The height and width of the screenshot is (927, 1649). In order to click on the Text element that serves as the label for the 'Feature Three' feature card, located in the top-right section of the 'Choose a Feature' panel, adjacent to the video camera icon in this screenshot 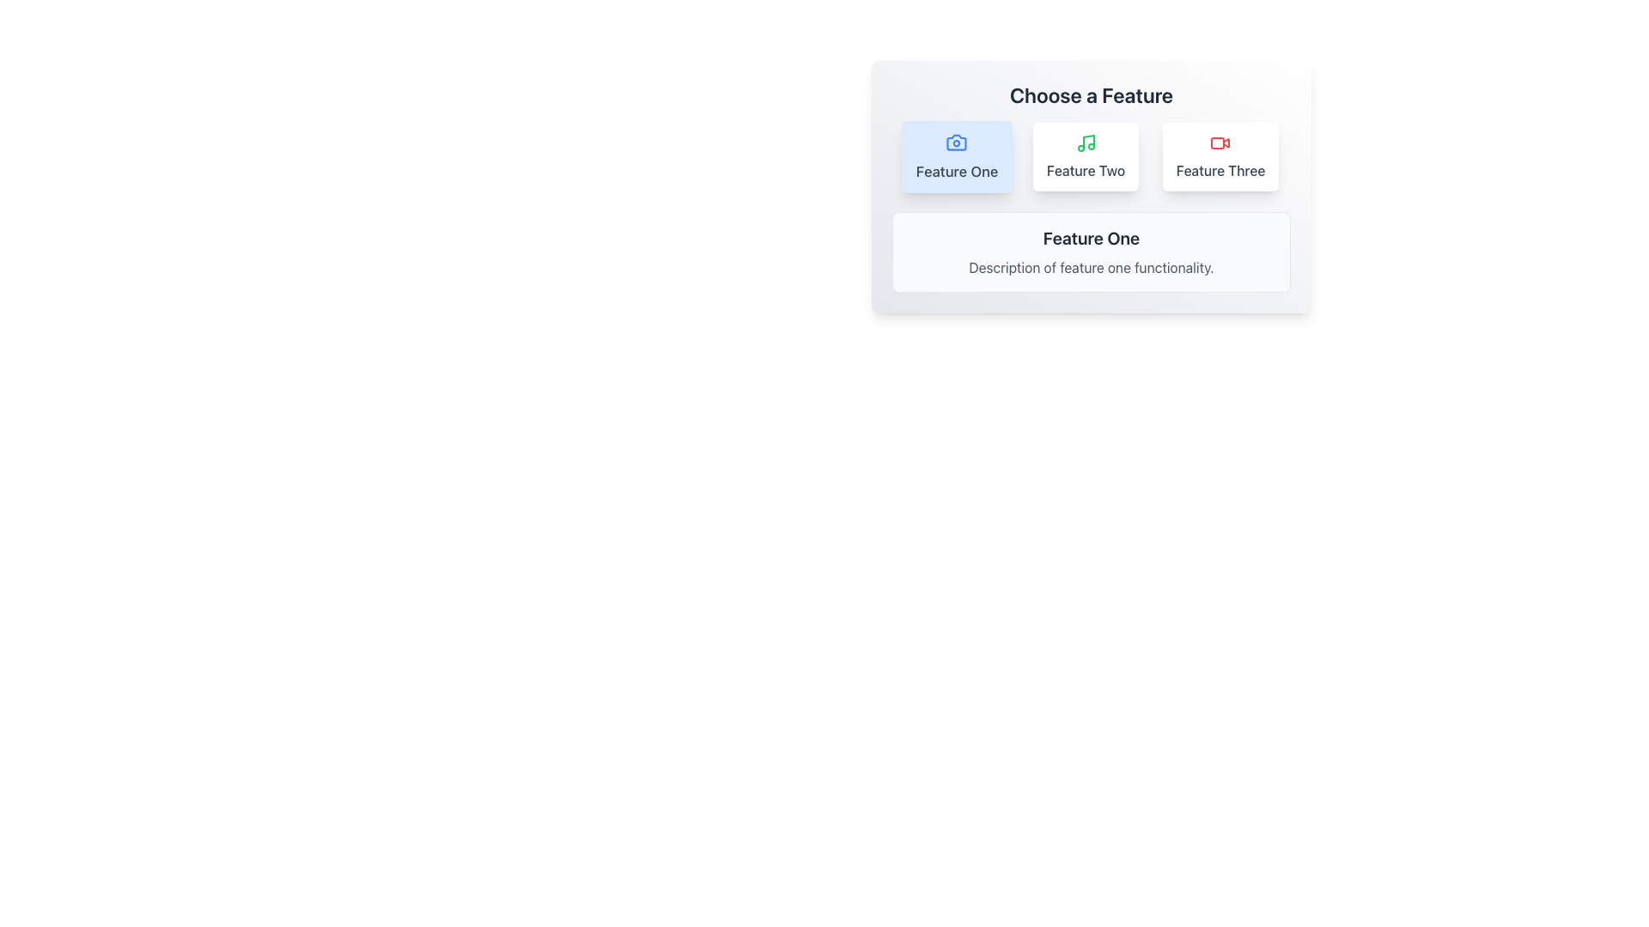, I will do `click(1220, 171)`.